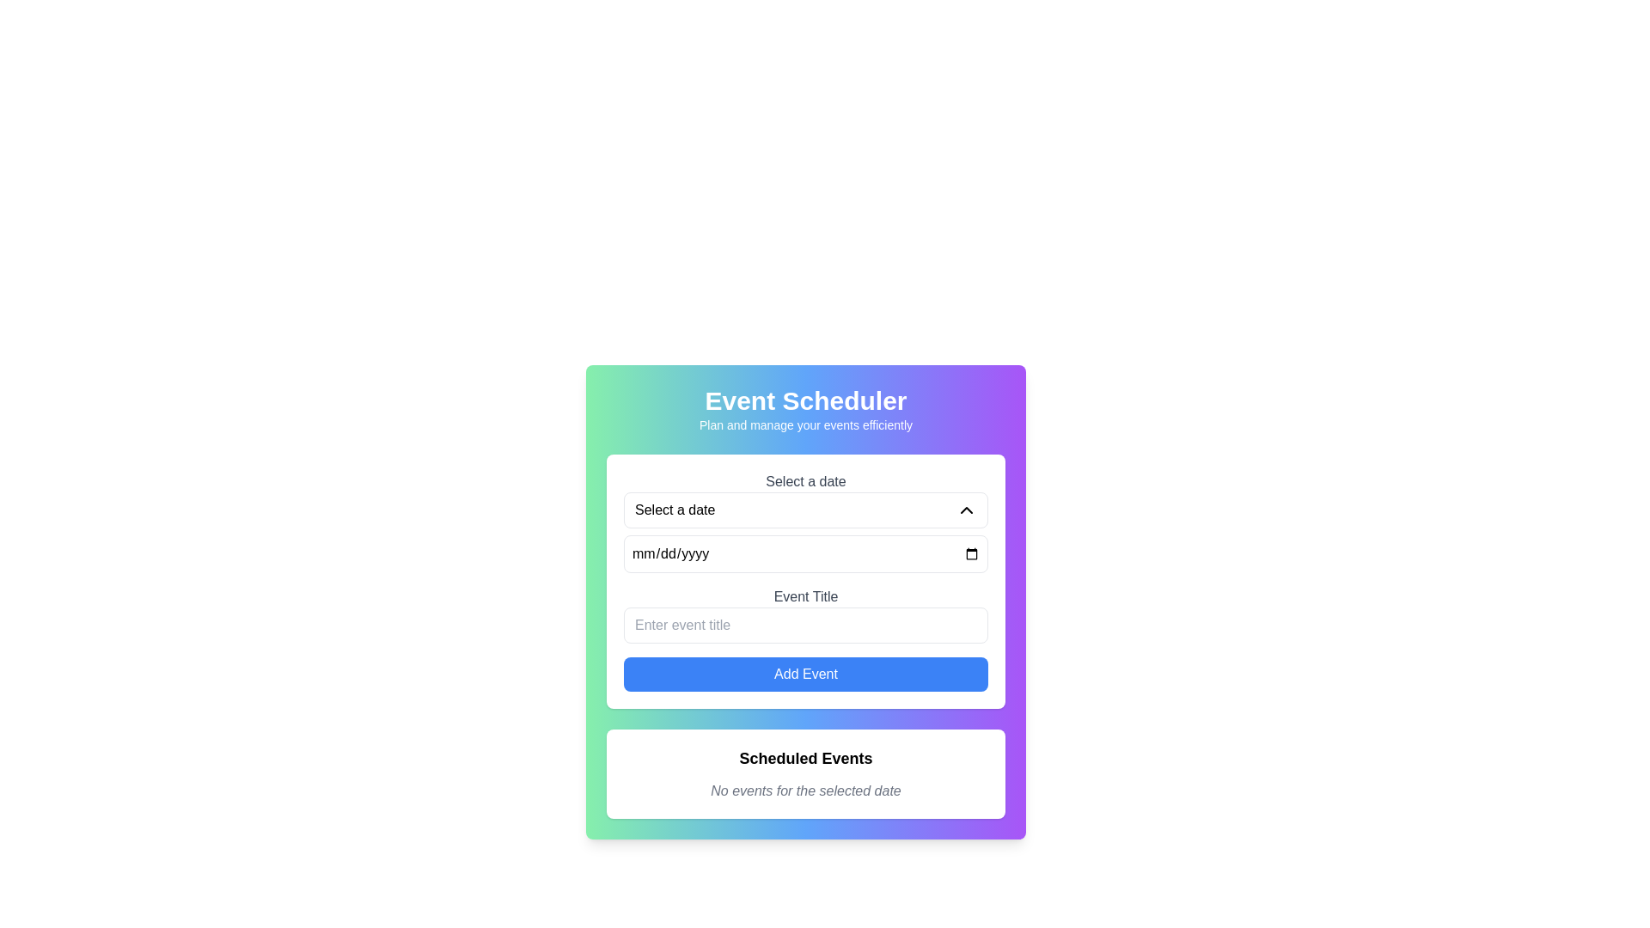 This screenshot has width=1650, height=928. Describe the element at coordinates (966, 510) in the screenshot. I see `the Chevron Arrow icon, which is positioned in the upper right section of the card interface, to potentially trigger a hover effect` at that location.